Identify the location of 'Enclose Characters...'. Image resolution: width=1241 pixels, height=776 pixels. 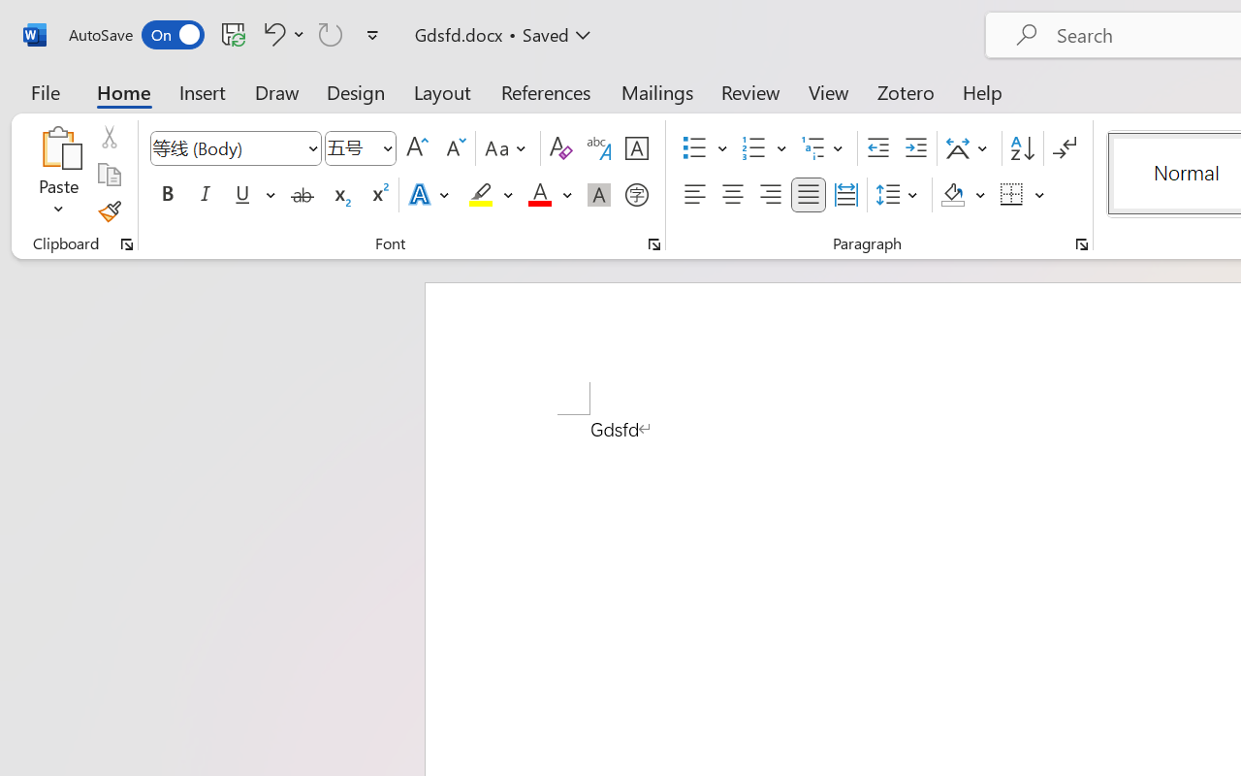
(636, 195).